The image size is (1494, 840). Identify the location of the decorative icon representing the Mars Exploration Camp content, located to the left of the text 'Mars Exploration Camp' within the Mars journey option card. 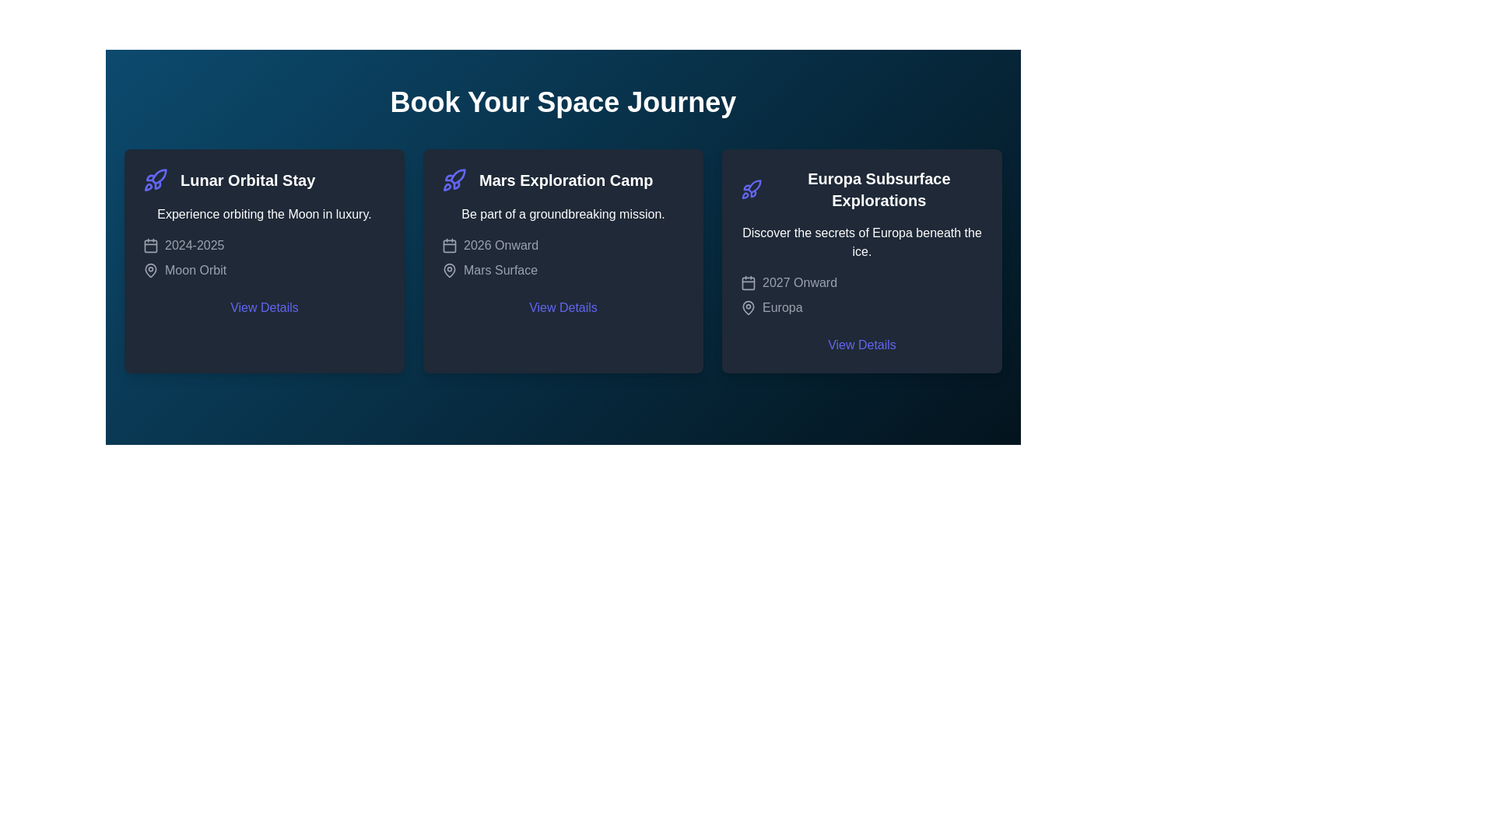
(454, 179).